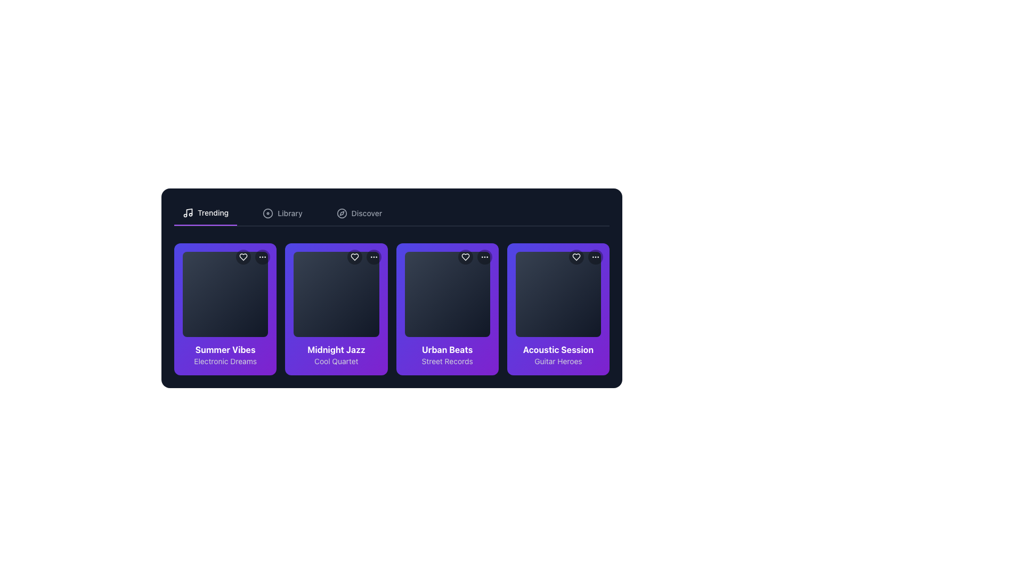  I want to click on the heart icon in the interactive icon group located in the top-right corner of the 'Acoustic Session' card to like the card's content, so click(585, 257).